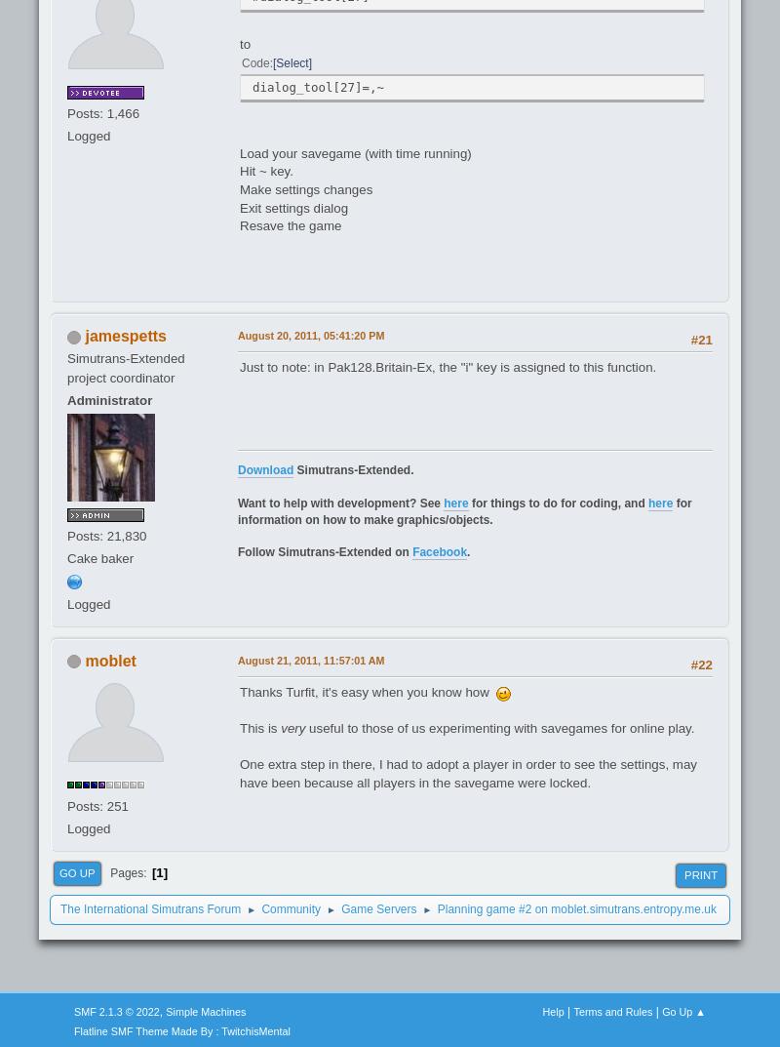 The width and height of the screenshot is (780, 1047). What do you see at coordinates (292, 207) in the screenshot?
I see `'Exit settings dialog'` at bounding box center [292, 207].